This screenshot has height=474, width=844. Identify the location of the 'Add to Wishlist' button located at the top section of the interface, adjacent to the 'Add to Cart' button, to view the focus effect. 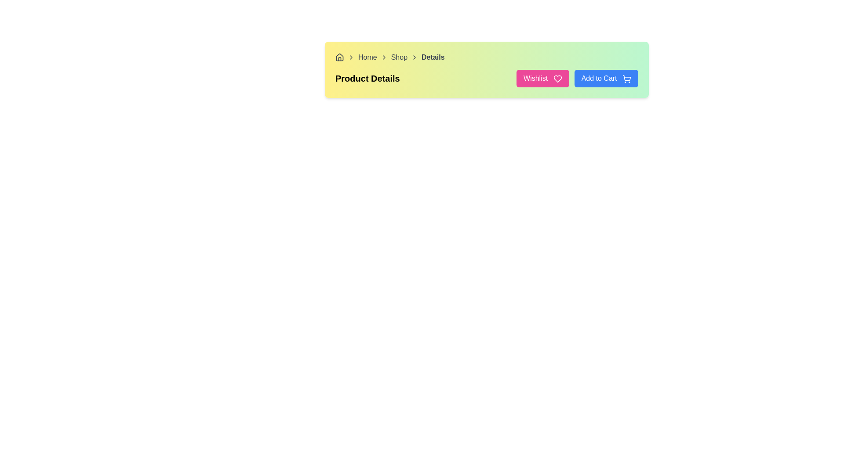
(542, 78).